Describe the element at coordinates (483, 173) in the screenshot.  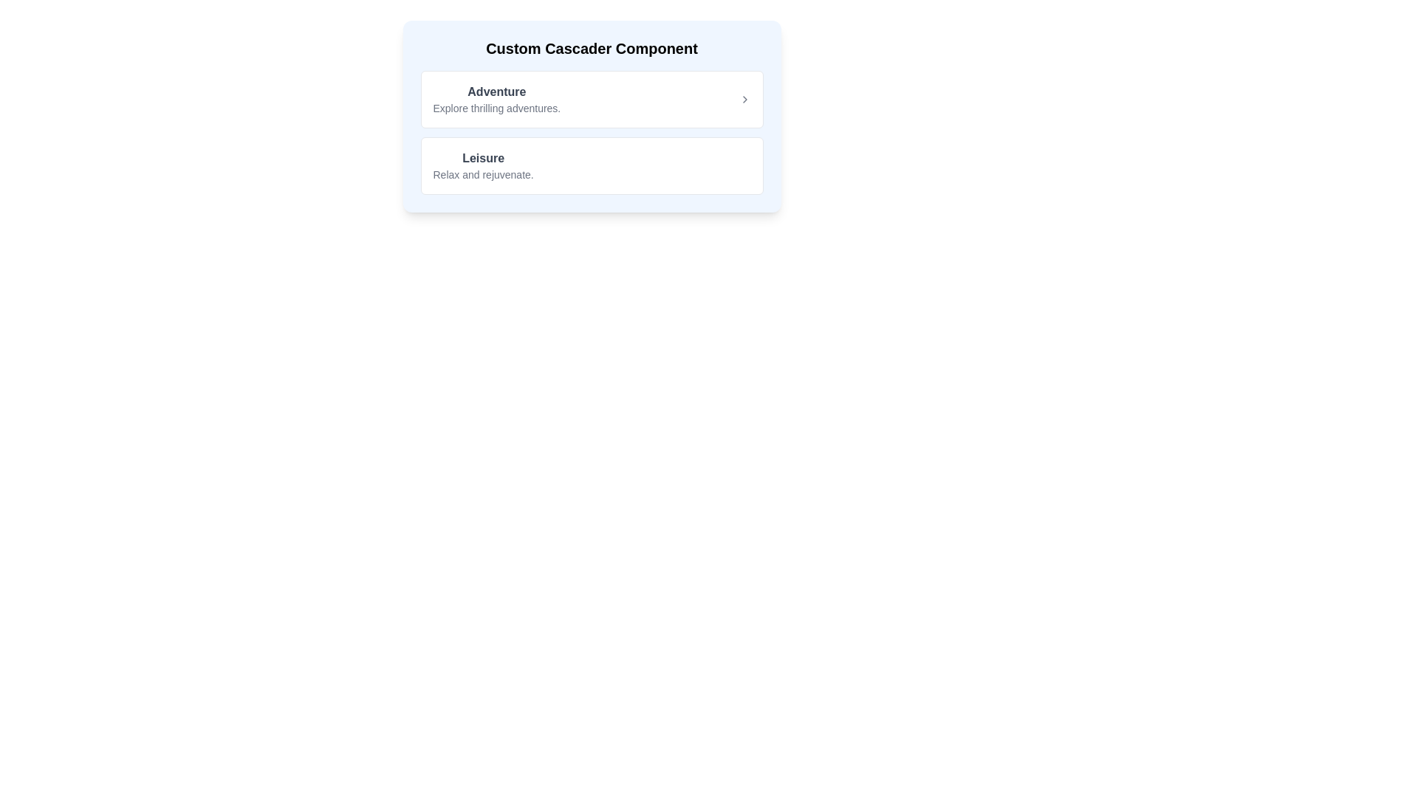
I see `the static text snippet reading 'Relax and rejuvenate.' which is styled with a gray font and positioned beneath the 'Leisure' label` at that location.